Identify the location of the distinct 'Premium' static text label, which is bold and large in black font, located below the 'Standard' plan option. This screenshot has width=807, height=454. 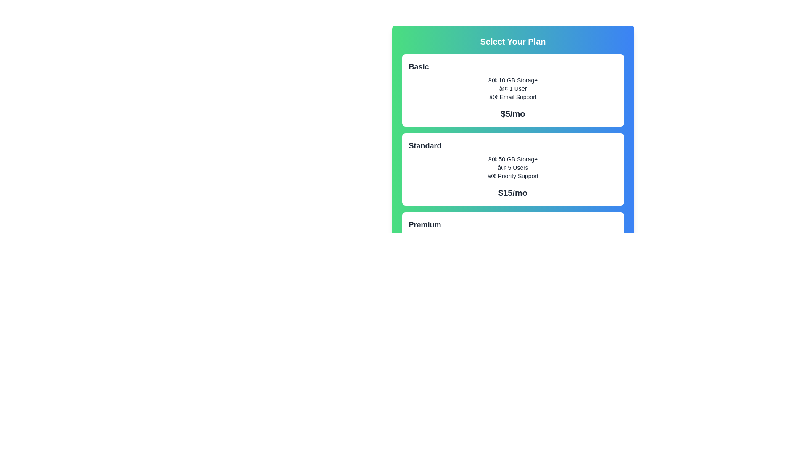
(425, 224).